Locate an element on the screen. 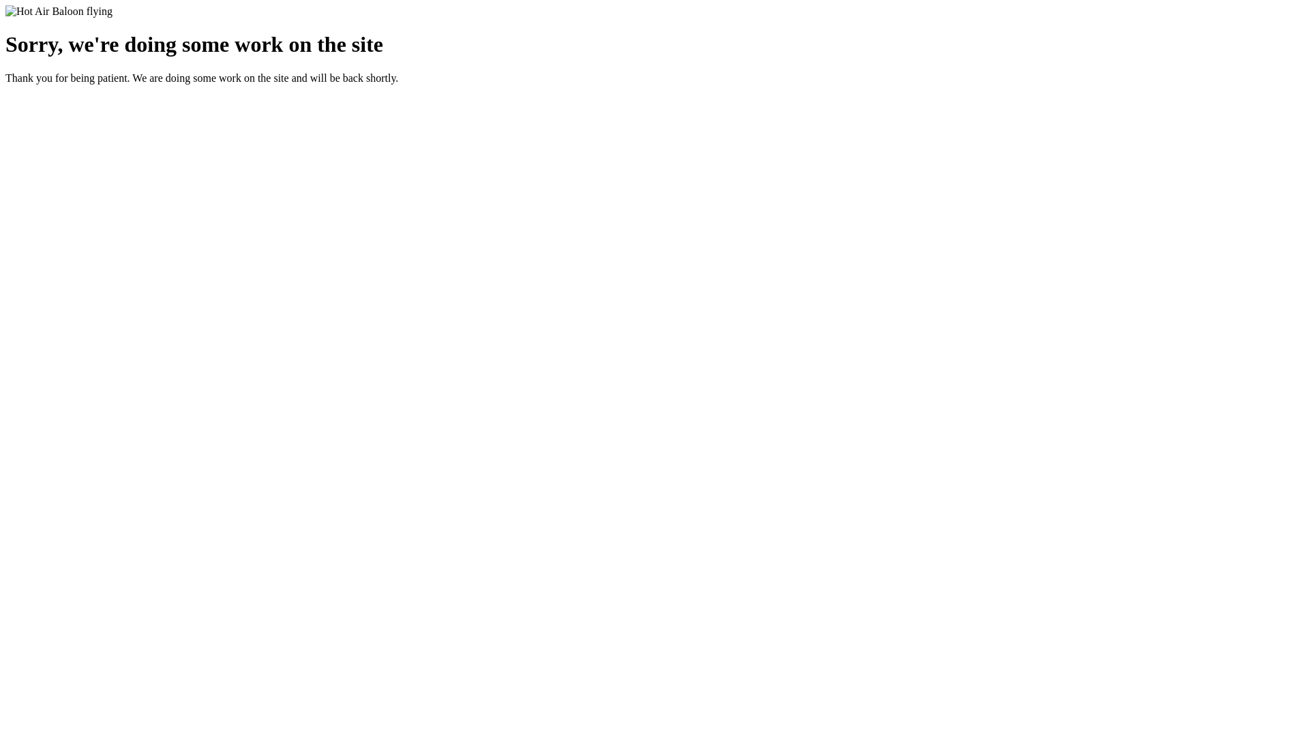 The width and height of the screenshot is (1309, 736). 'Hot Air Baloon flying' is located at coordinates (58, 11).